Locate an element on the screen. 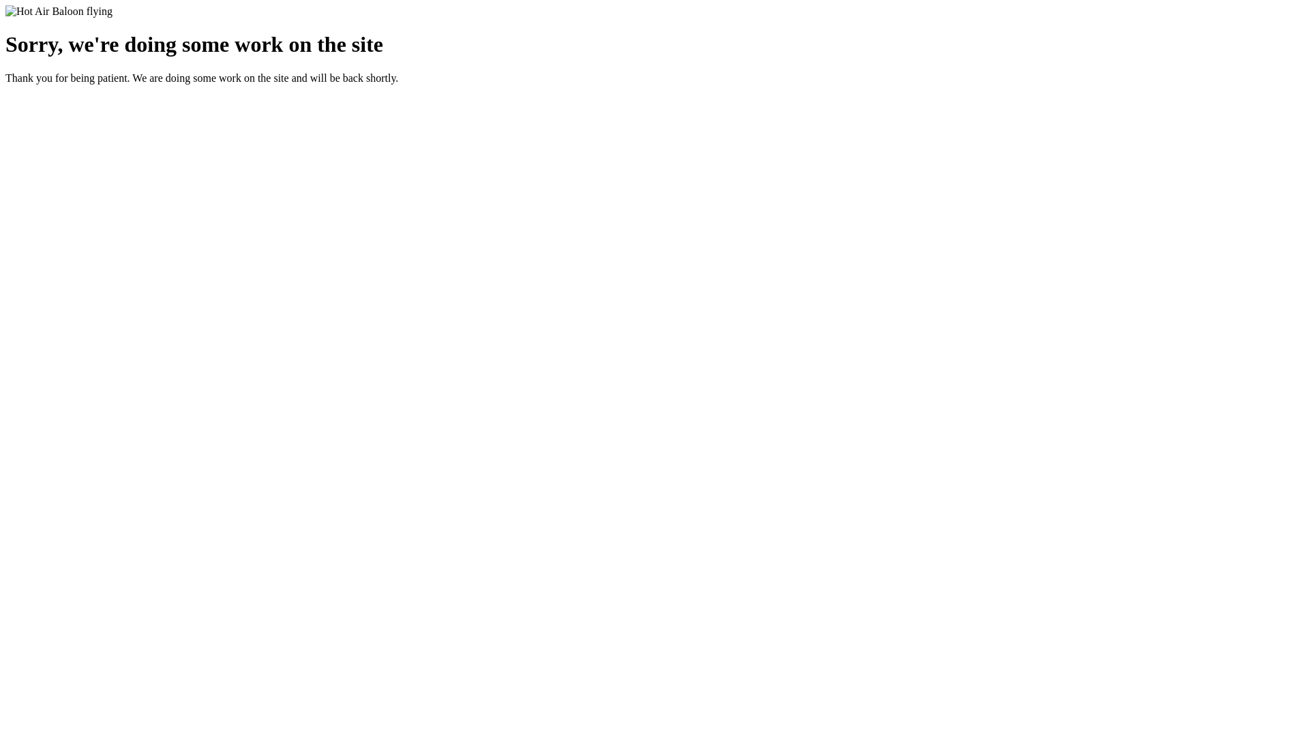 The width and height of the screenshot is (1309, 736). 'Hot Air Baloon flying' is located at coordinates (58, 11).